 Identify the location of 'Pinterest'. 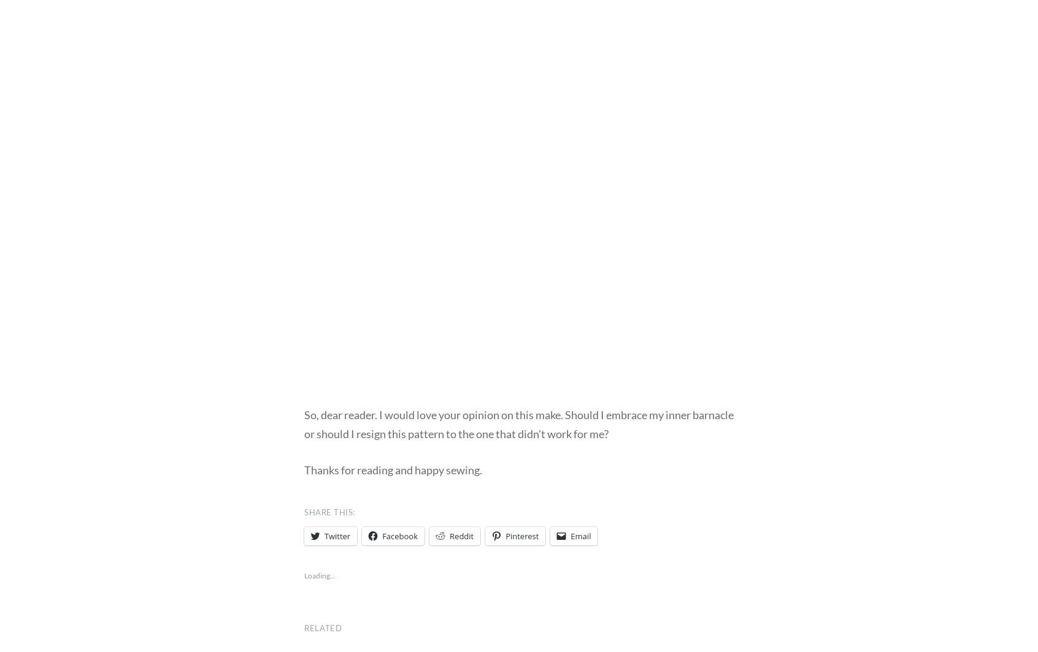
(521, 535).